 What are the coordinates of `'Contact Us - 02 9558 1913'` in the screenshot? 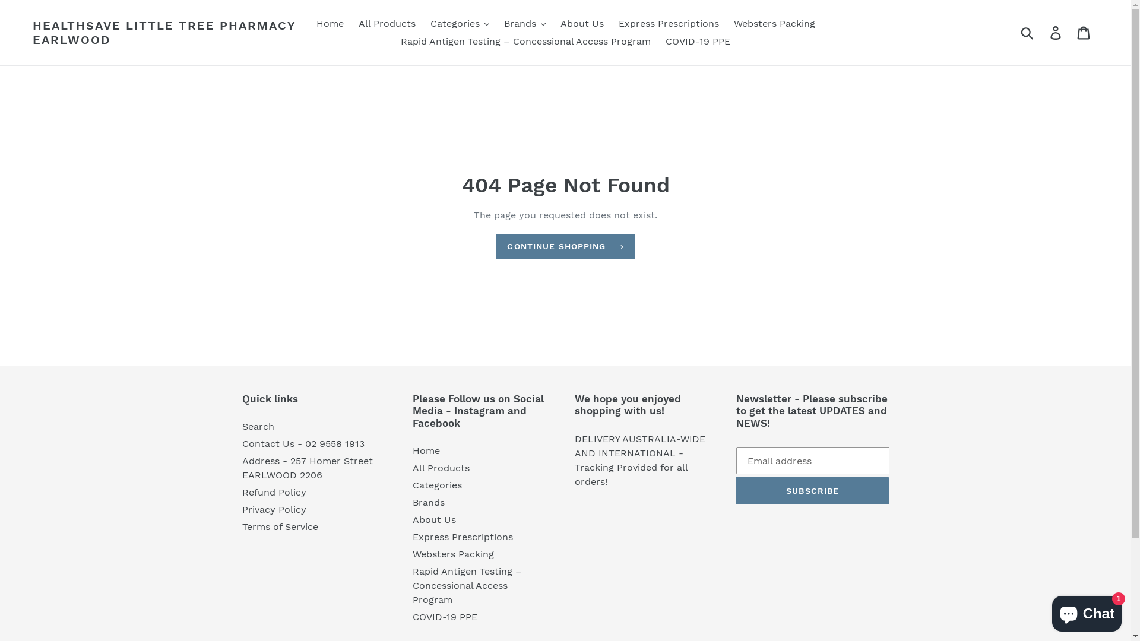 It's located at (303, 443).